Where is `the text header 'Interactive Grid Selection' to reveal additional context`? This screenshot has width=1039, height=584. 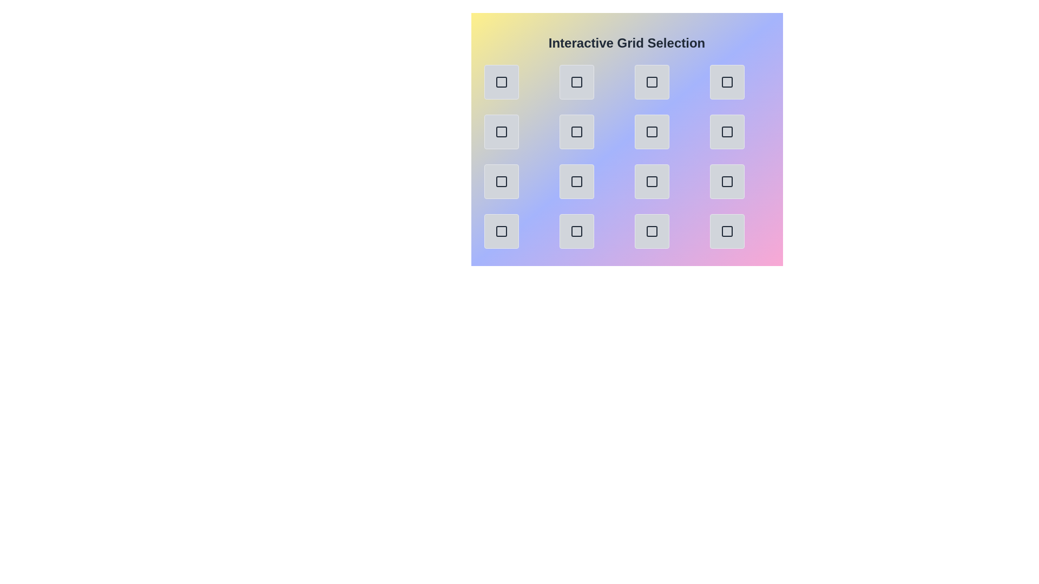 the text header 'Interactive Grid Selection' to reveal additional context is located at coordinates (627, 43).